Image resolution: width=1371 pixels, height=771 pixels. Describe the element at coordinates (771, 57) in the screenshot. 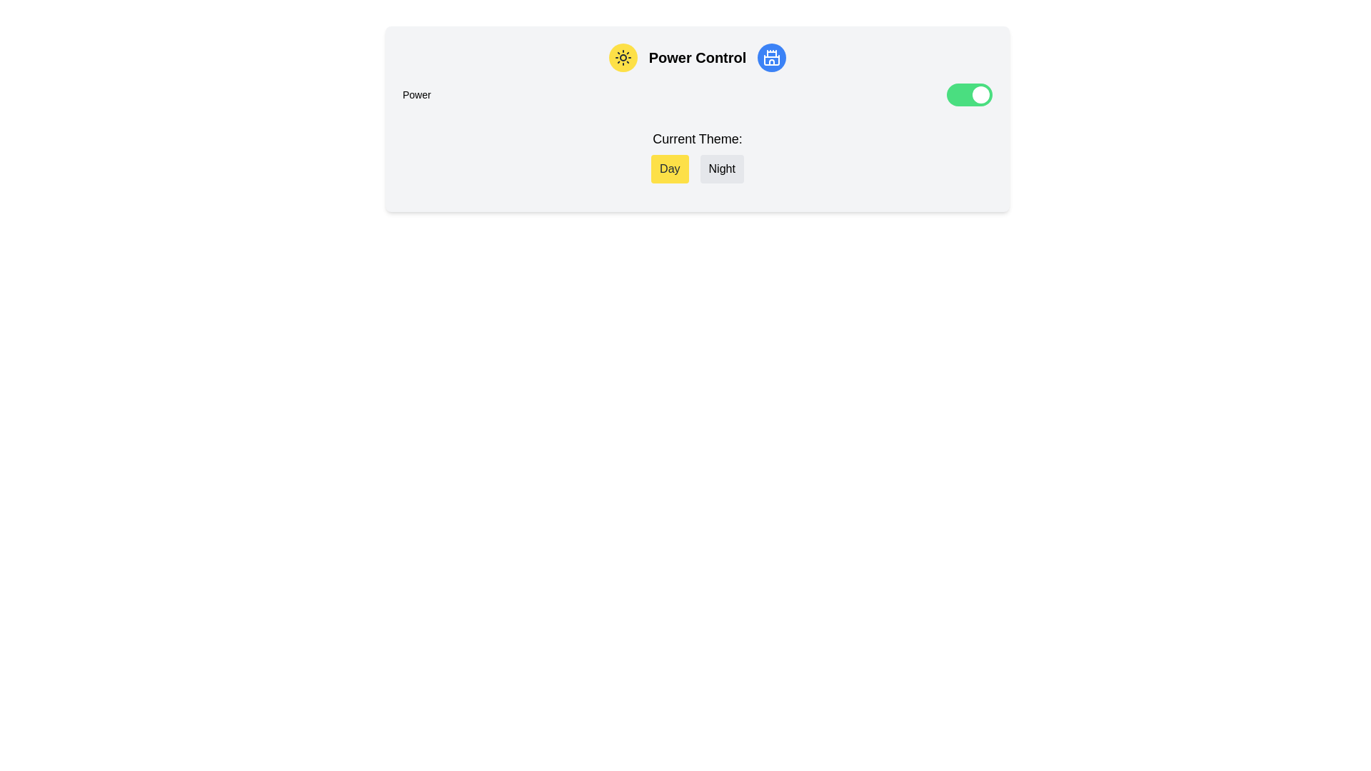

I see `the blue castle icon with white strokes located at the top right of the 'Power Control' section` at that location.